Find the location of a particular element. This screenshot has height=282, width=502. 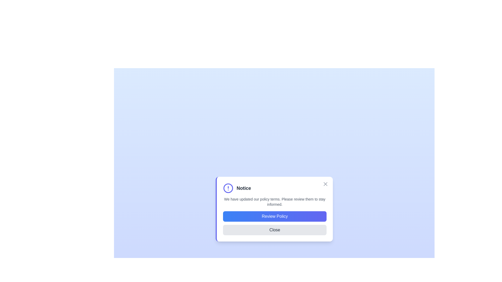

'X' button on the alert panel to close it is located at coordinates (325, 184).